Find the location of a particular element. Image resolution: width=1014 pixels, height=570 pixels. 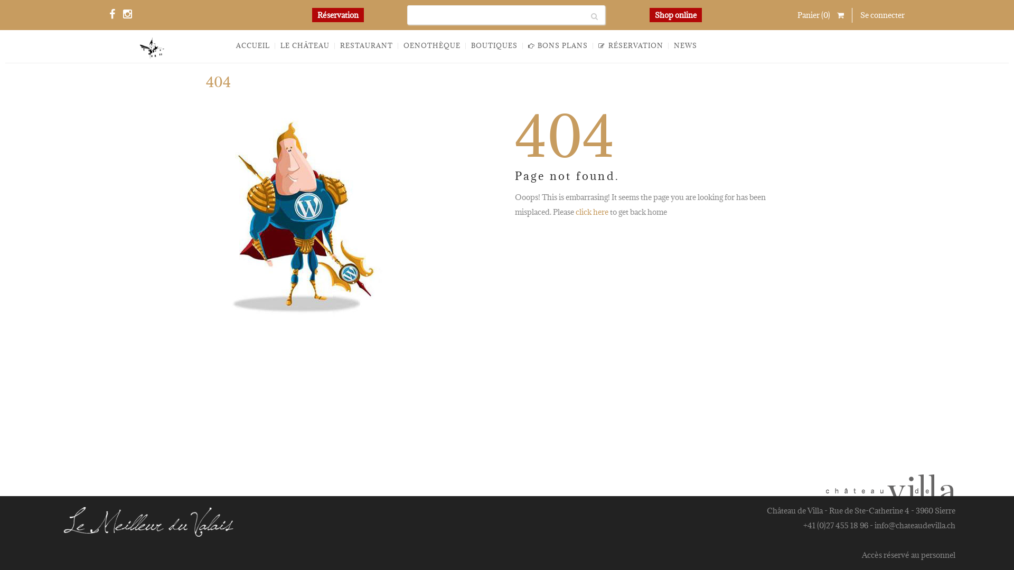

'BONS PLANS' is located at coordinates (557, 45).